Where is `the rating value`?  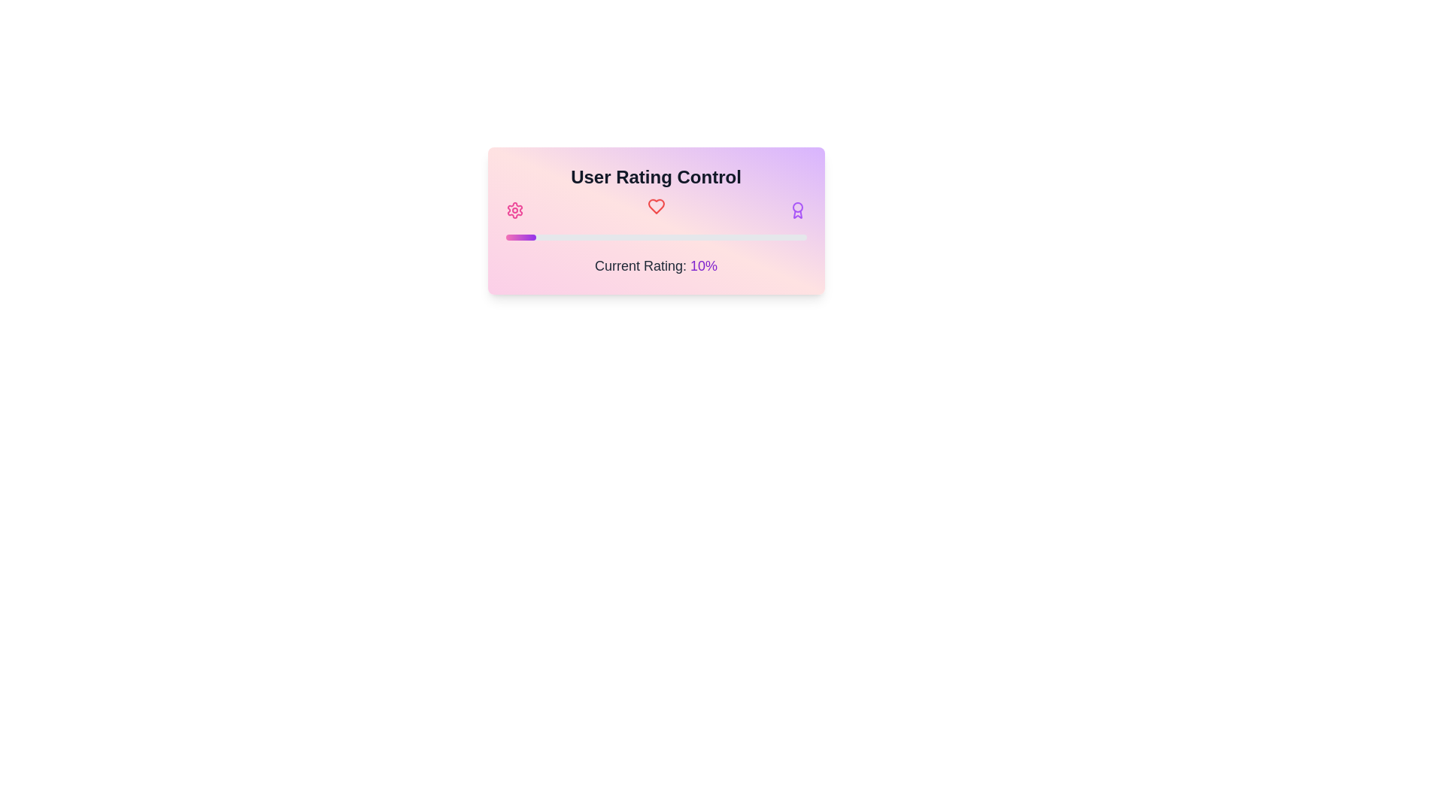
the rating value is located at coordinates (731, 211).